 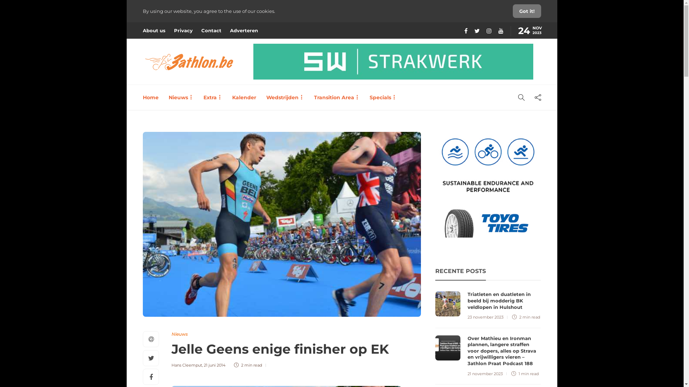 What do you see at coordinates (243, 30) in the screenshot?
I see `'Adverteren'` at bounding box center [243, 30].